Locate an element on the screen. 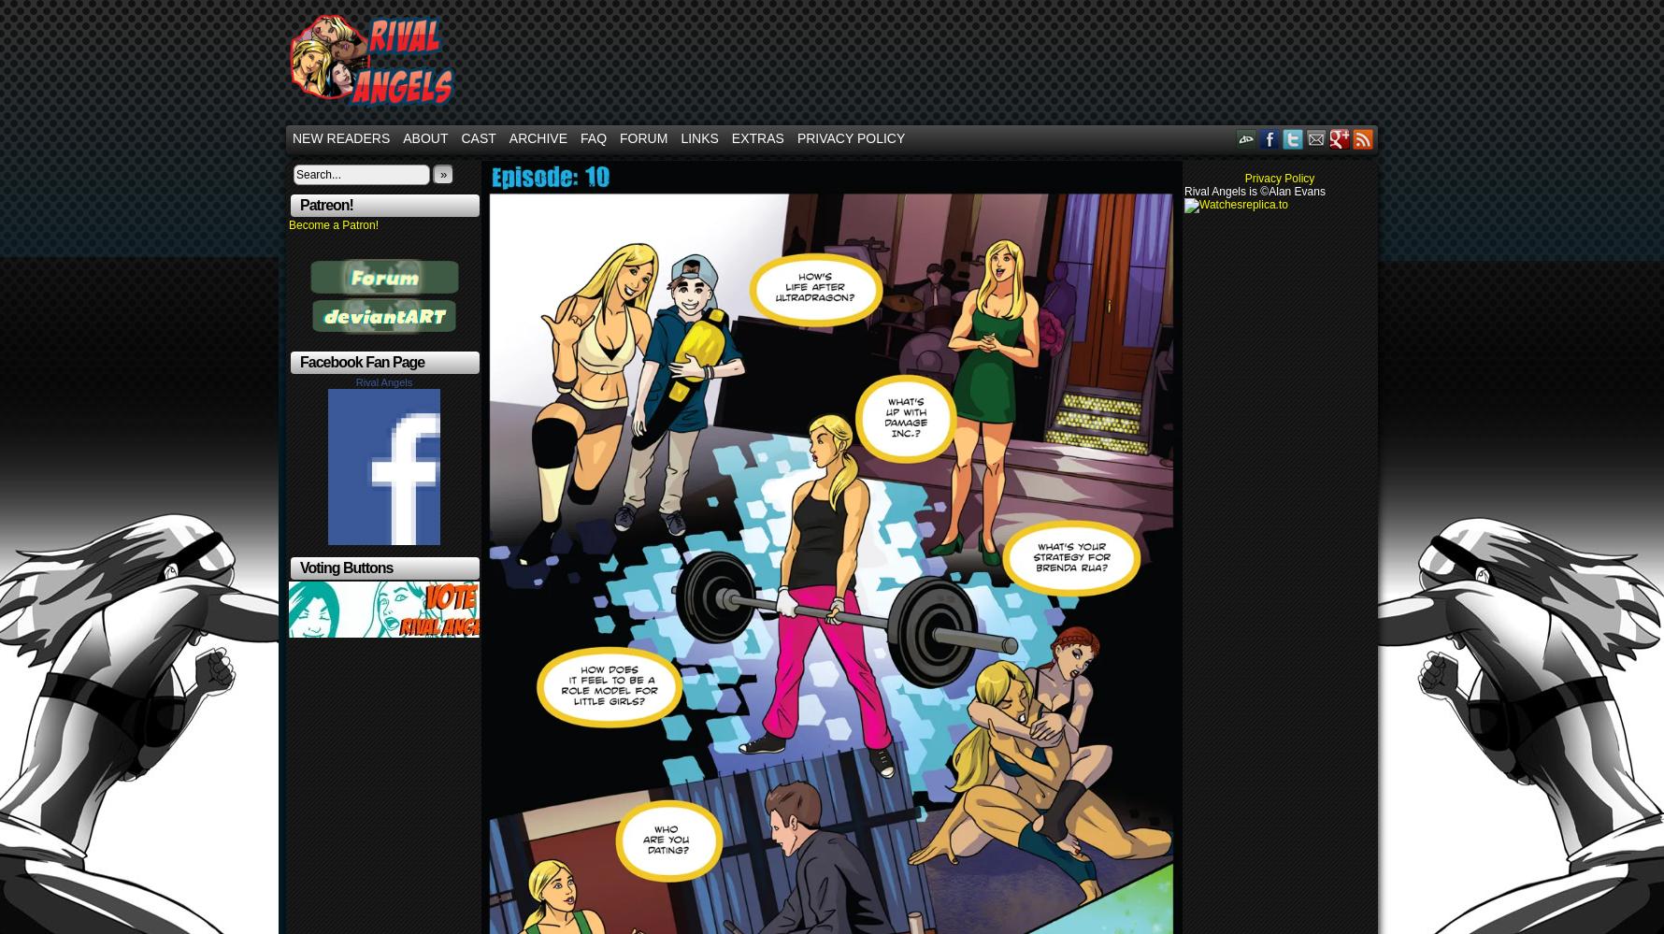 Image resolution: width=1664 pixels, height=934 pixels. 'About' is located at coordinates (401, 137).